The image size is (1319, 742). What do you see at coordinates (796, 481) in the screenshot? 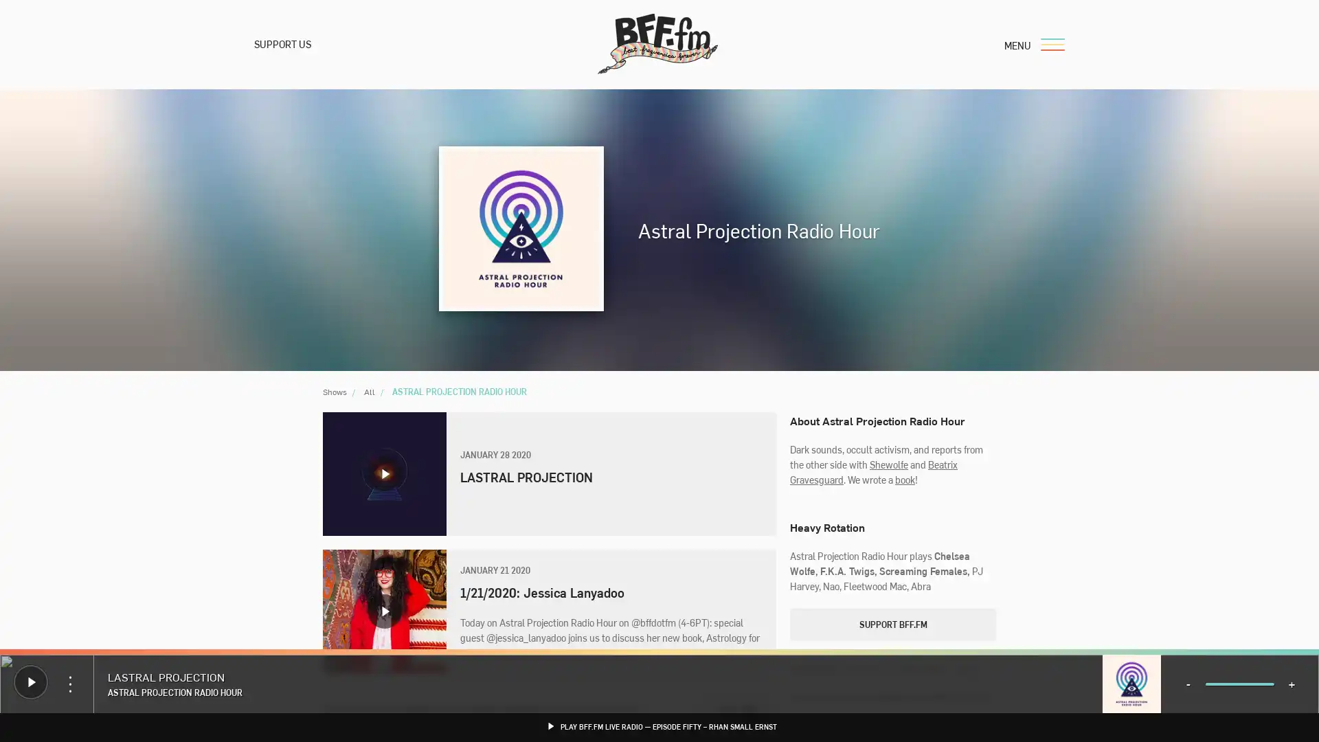
I see `Search` at bounding box center [796, 481].